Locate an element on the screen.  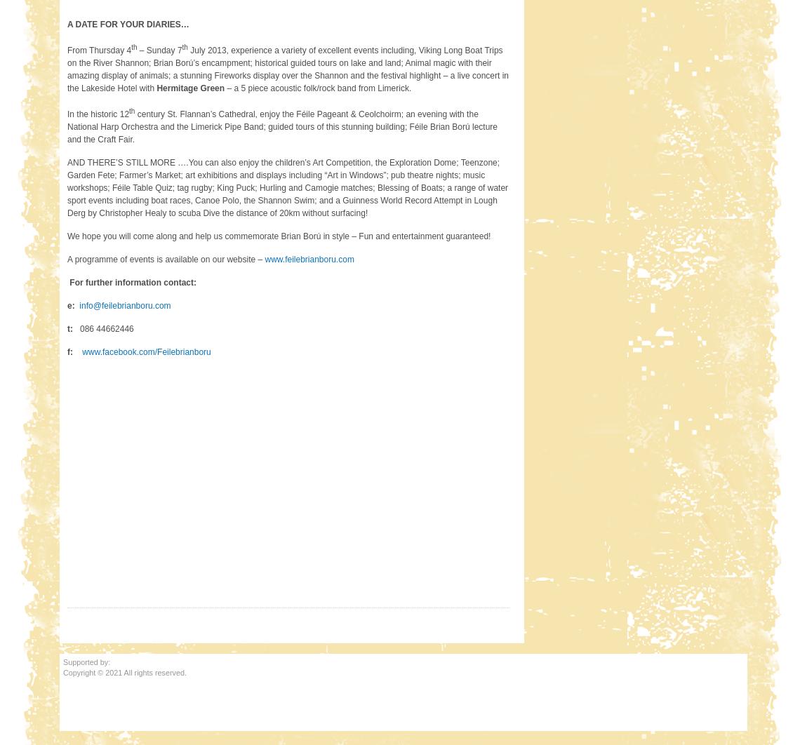
'e:' is located at coordinates (72, 304).